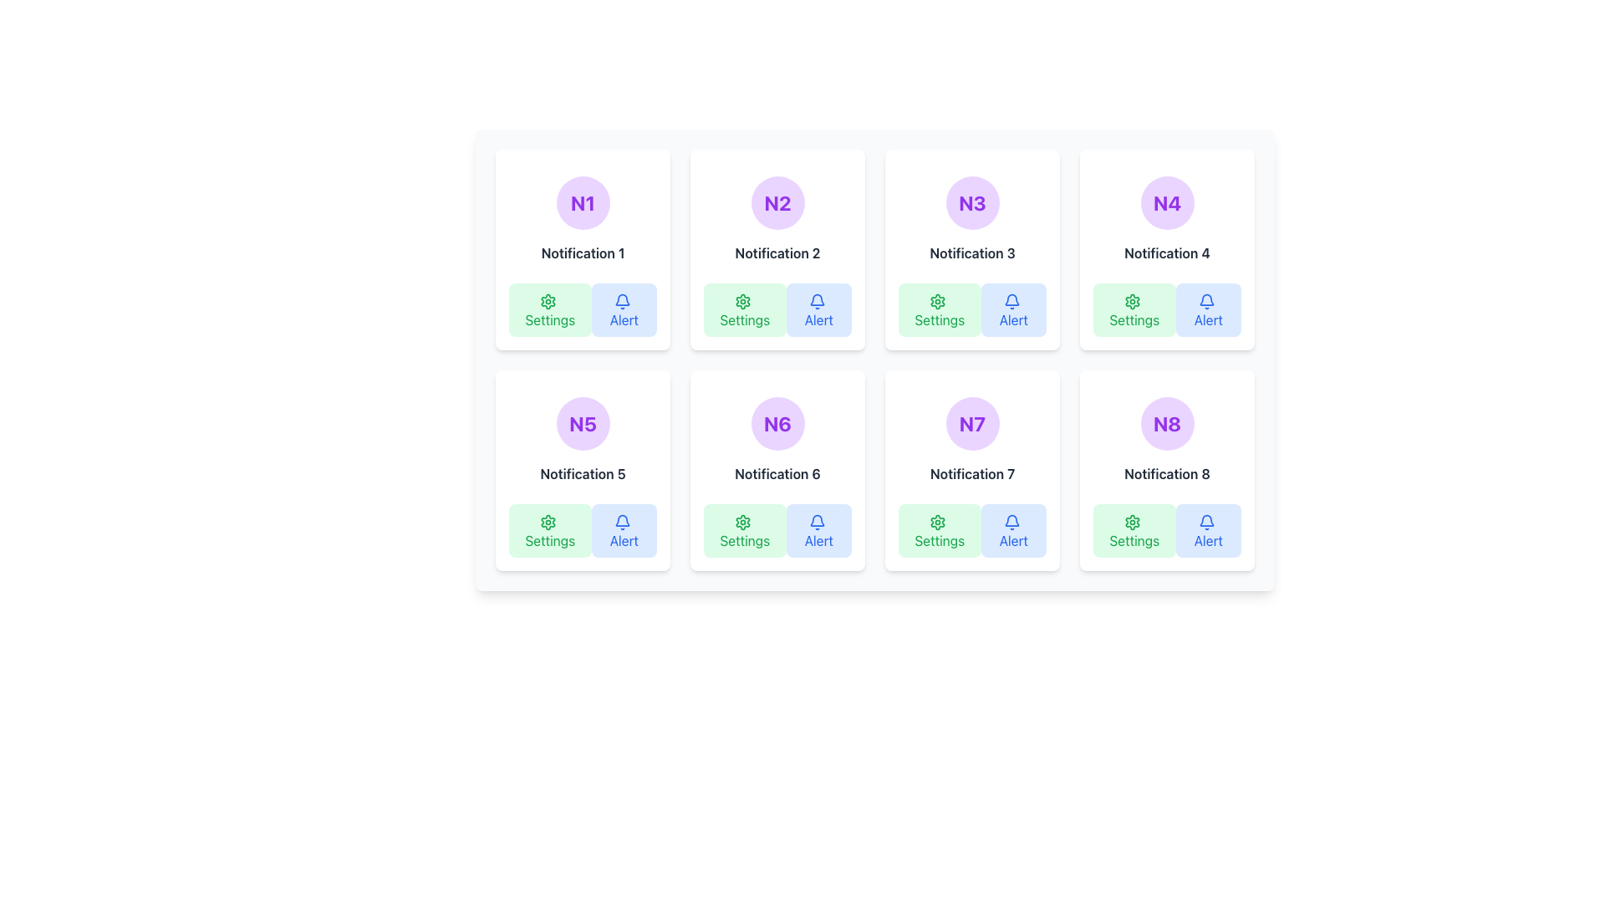 The width and height of the screenshot is (1605, 903). What do you see at coordinates (777, 422) in the screenshot?
I see `the text 'N6' displayed within the circular purple element in the Notification 6 card located in the second row, third column of the grid` at bounding box center [777, 422].